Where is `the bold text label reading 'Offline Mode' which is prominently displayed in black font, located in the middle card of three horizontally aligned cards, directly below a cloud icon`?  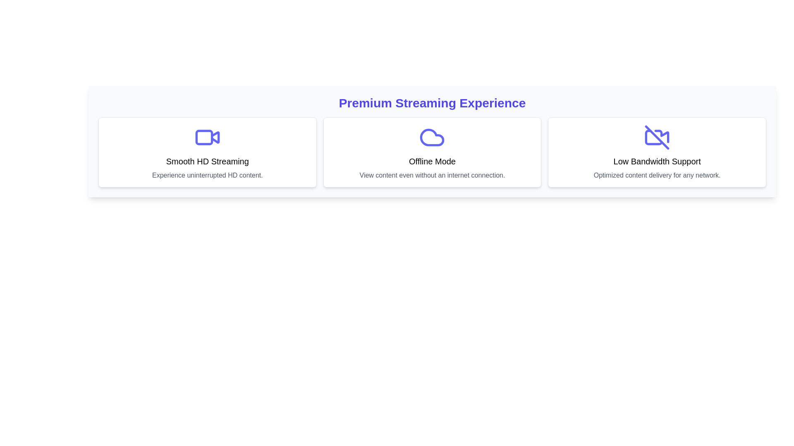
the bold text label reading 'Offline Mode' which is prominently displayed in black font, located in the middle card of three horizontally aligned cards, directly below a cloud icon is located at coordinates (432, 161).